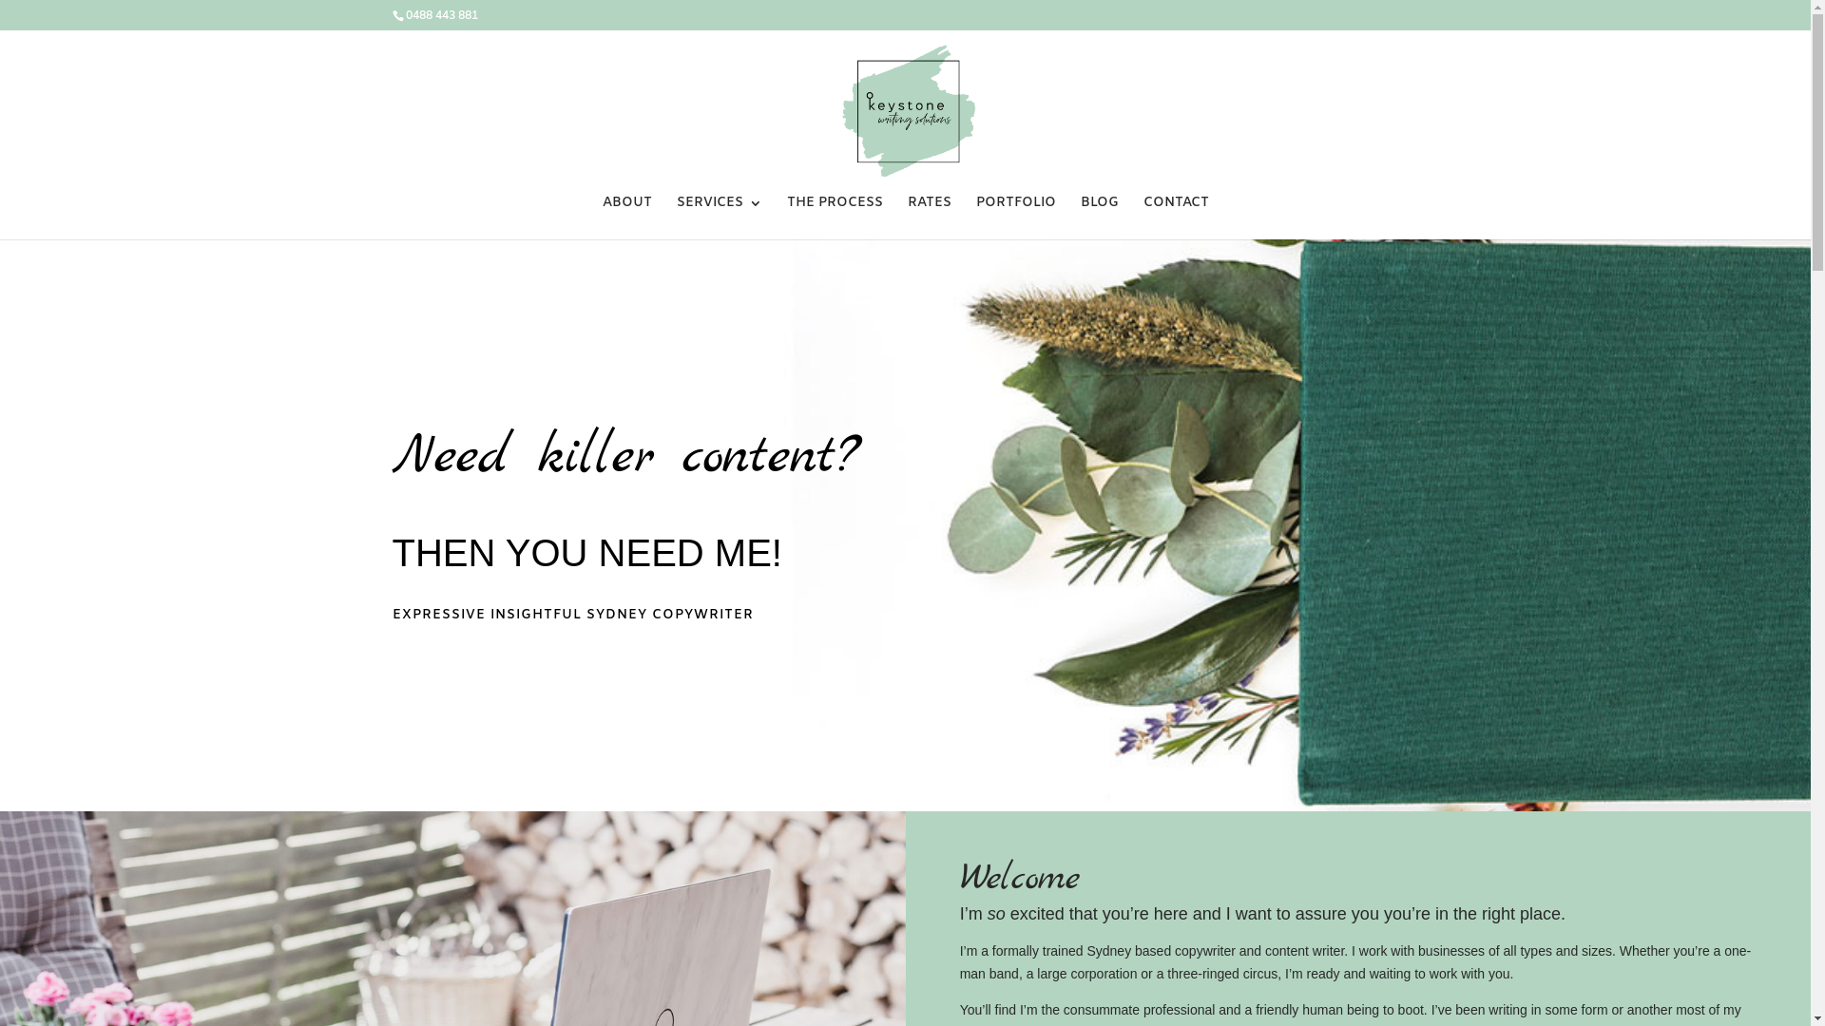  I want to click on 'BLOG', so click(1099, 217).